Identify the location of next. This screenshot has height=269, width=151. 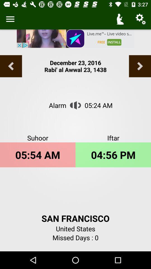
(140, 66).